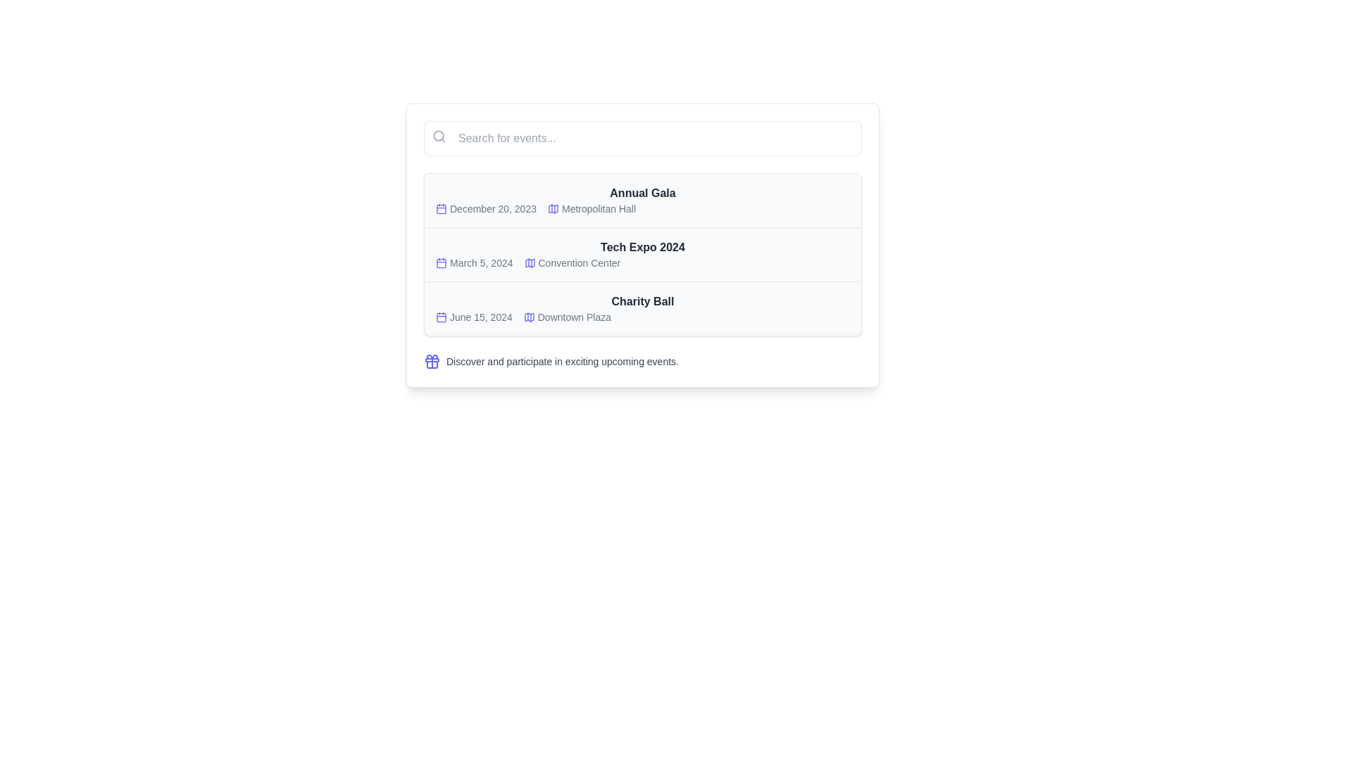 This screenshot has height=760, width=1352. Describe the element at coordinates (561, 360) in the screenshot. I see `text content 'Discover and participate in exciting upcoming events.' which is styled in a subtle gray color and located in the bottom section of the interface beside a visual icon` at that location.